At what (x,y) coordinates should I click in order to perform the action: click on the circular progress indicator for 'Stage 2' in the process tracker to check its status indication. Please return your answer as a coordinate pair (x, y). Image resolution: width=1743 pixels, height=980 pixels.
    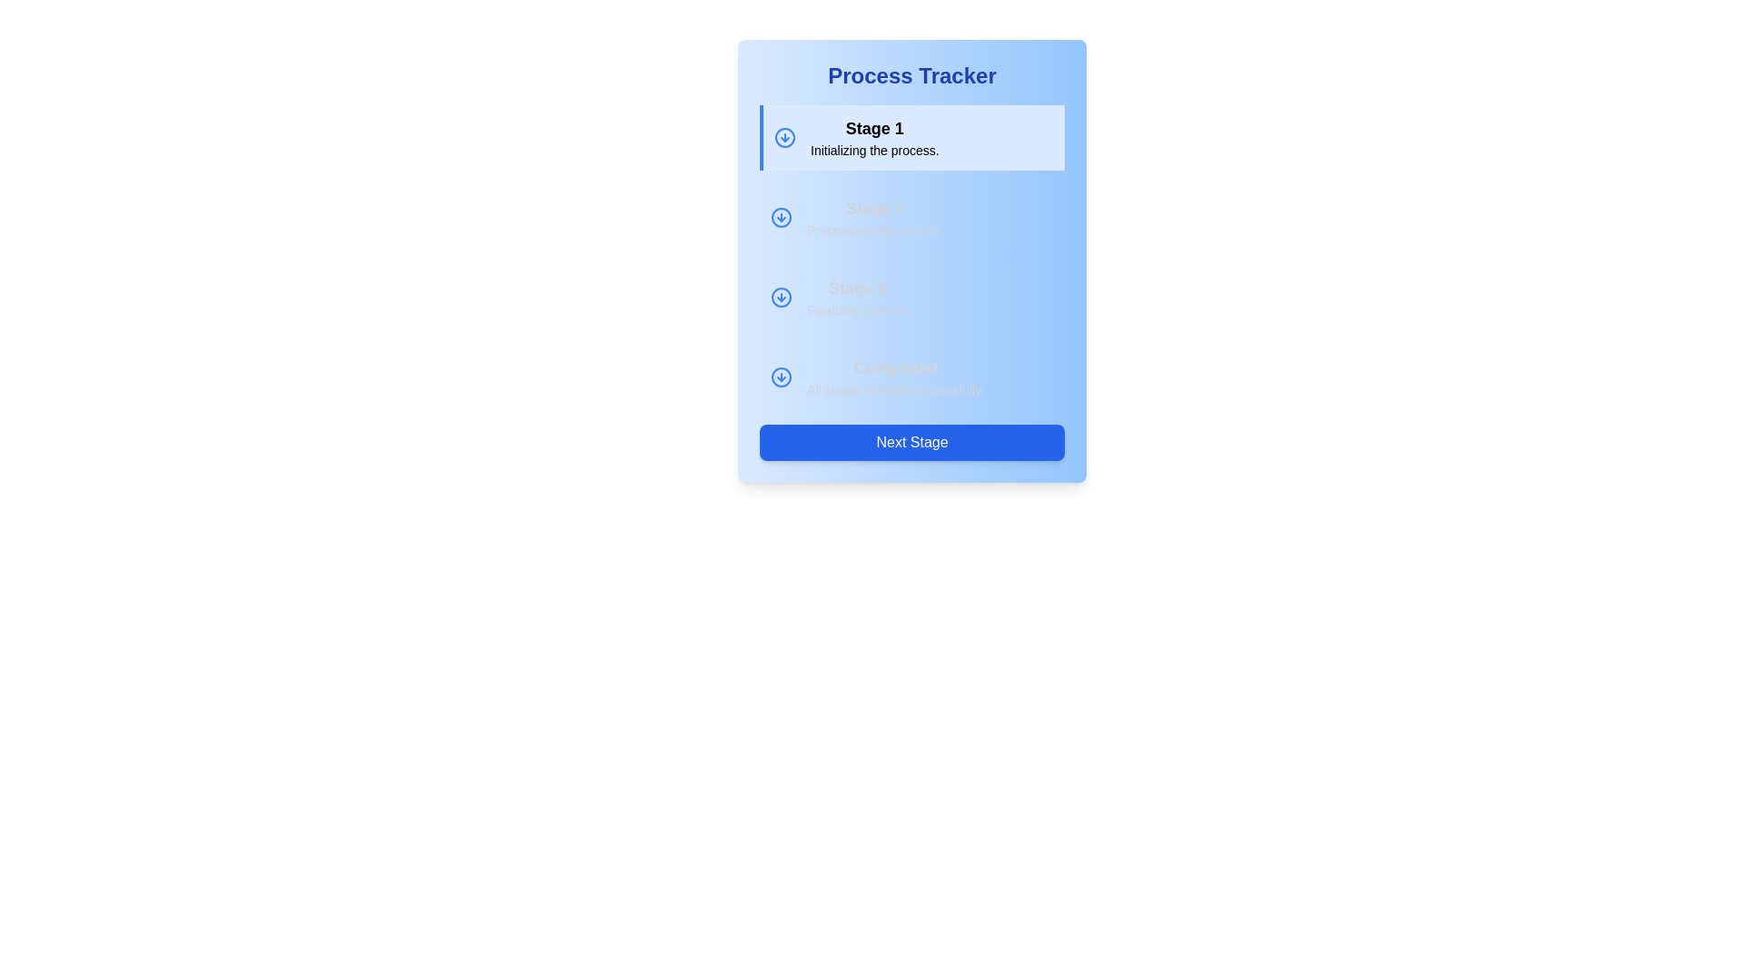
    Looking at the image, I should click on (781, 216).